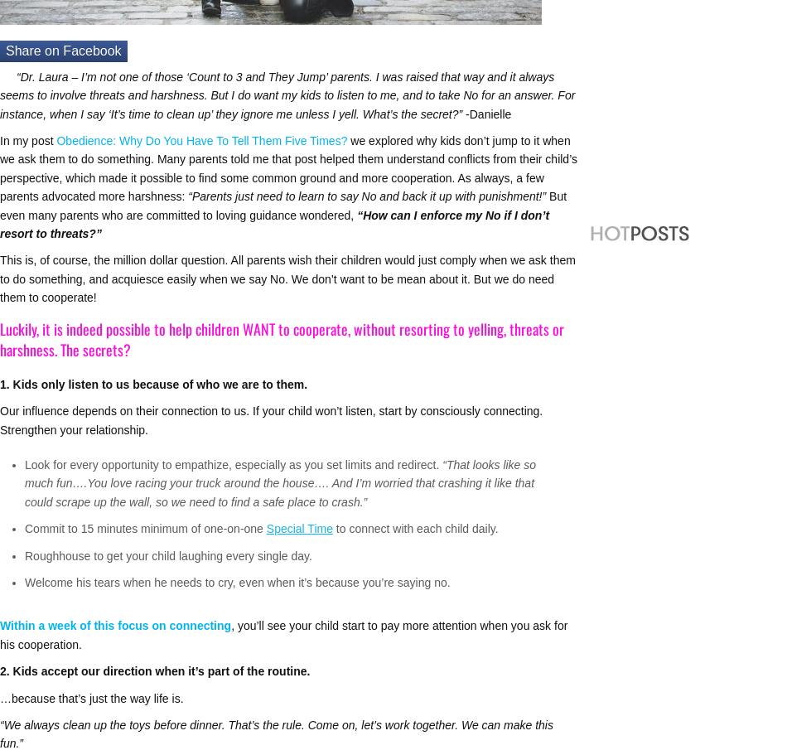 This screenshot has width=787, height=755. I want to click on 'Look for every opportunity to empathize, especially as you set limits and redirect.', so click(232, 463).